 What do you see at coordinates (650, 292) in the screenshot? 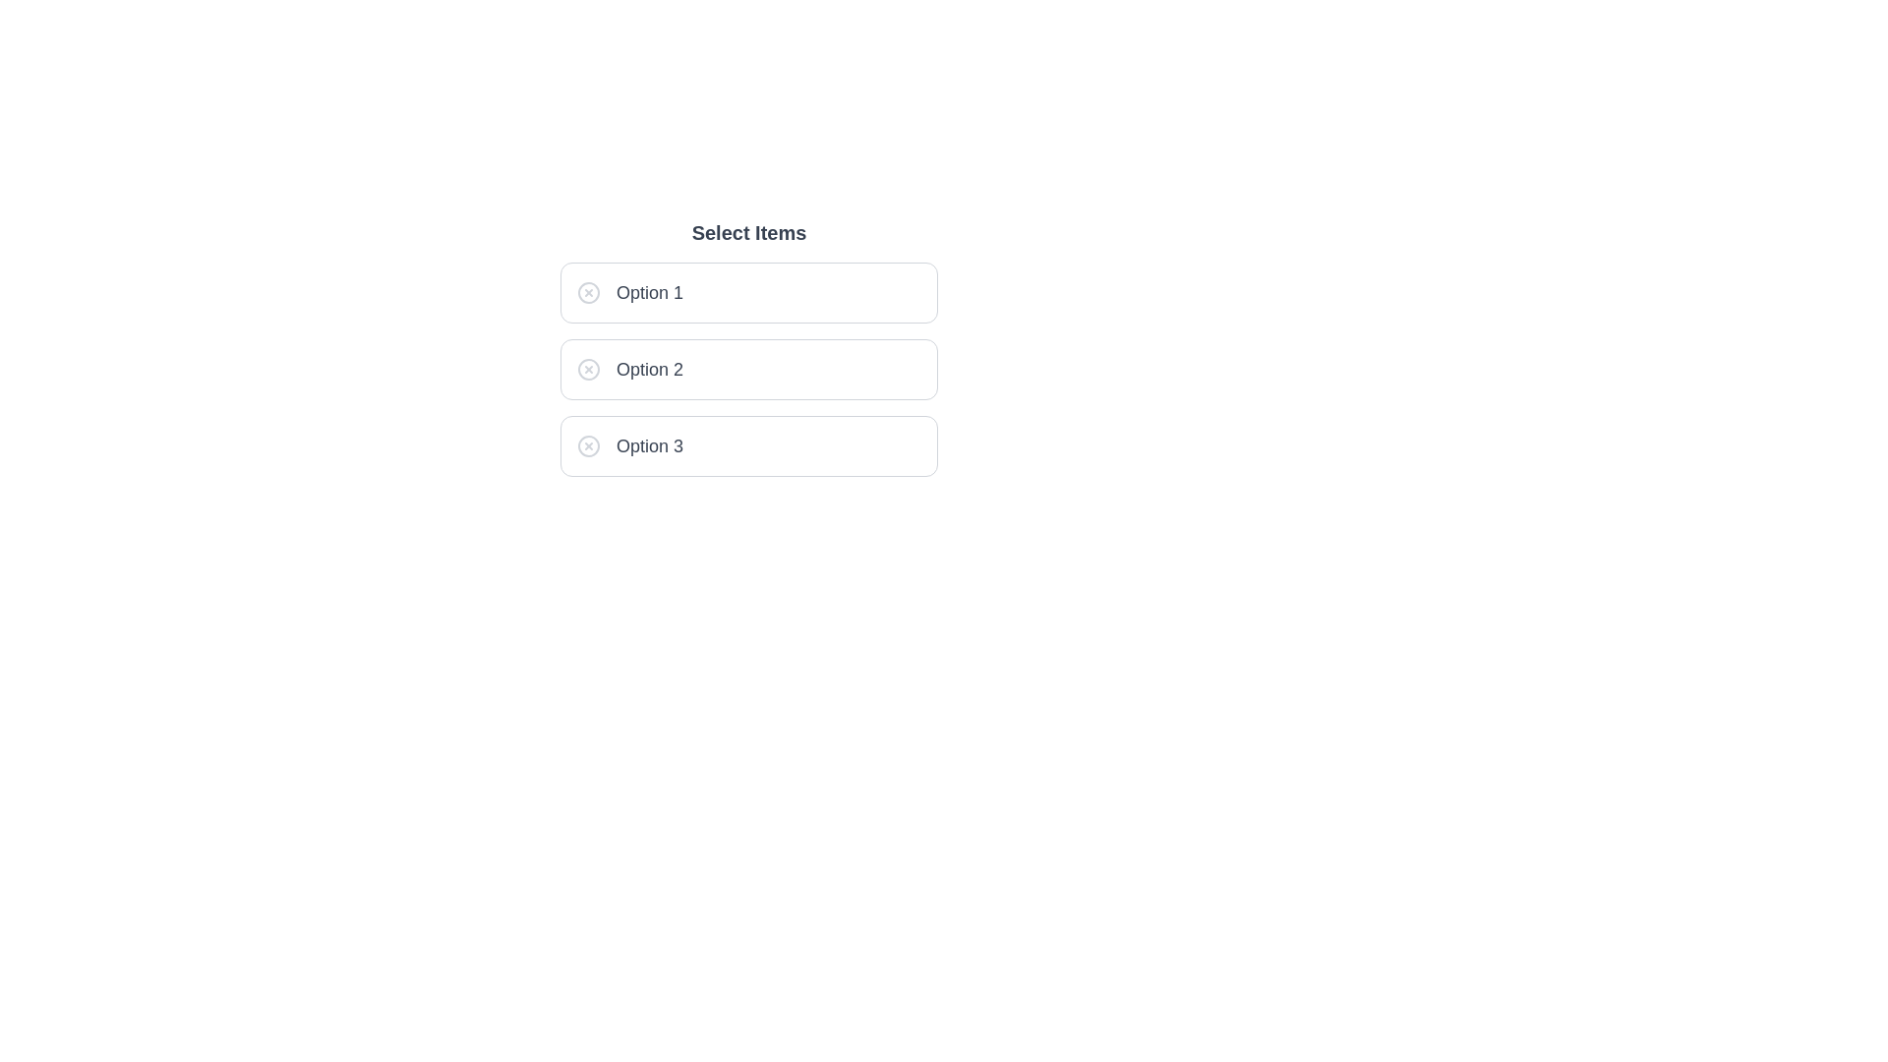
I see `the text label that identifies the first selectable item in the vertical list, which is centrally aligned within a rounded rectangular card` at bounding box center [650, 292].